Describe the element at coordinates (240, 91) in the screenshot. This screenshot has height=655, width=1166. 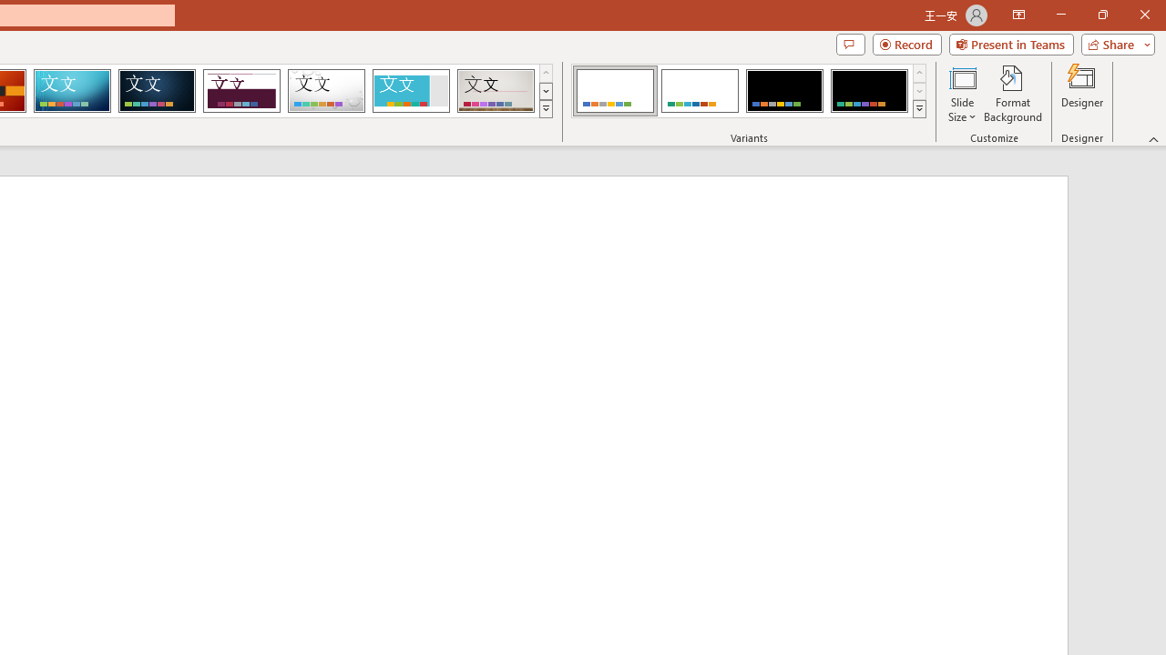
I see `'Dividend Loading Preview...'` at that location.